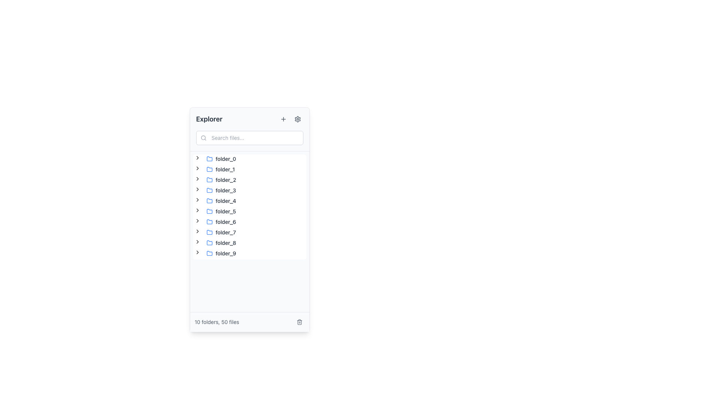  I want to click on the right-pointing chevron icon, so click(198, 199).